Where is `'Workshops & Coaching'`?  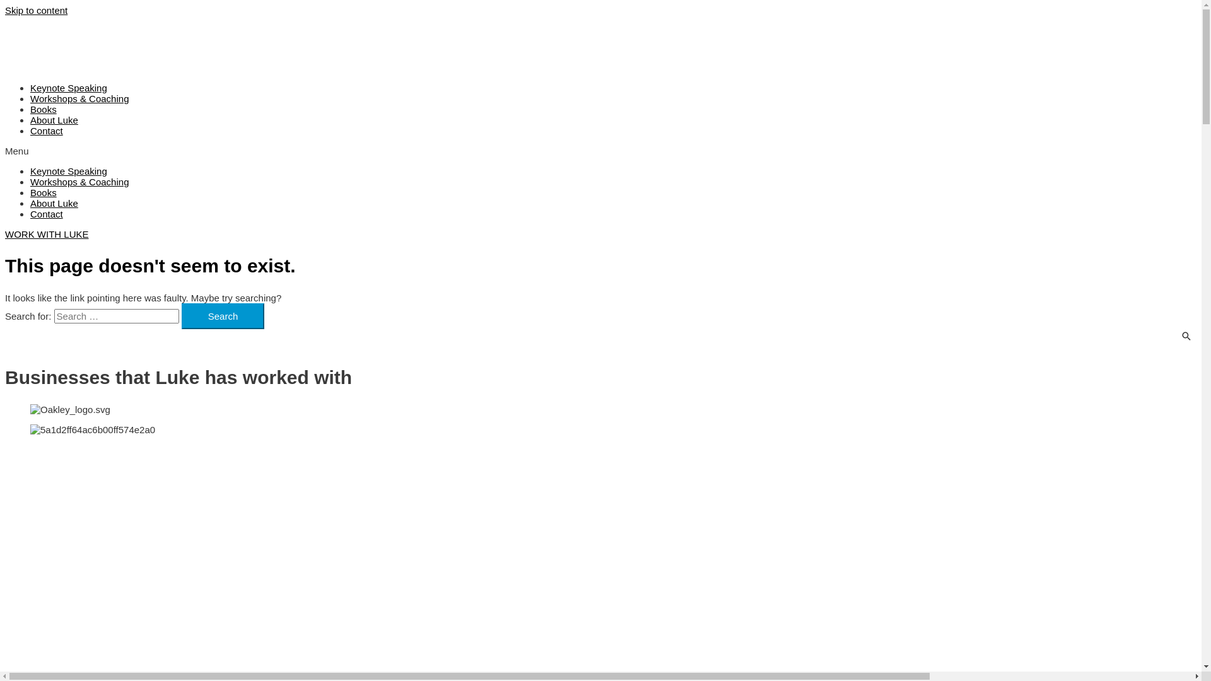
'Workshops & Coaching' is located at coordinates (78, 98).